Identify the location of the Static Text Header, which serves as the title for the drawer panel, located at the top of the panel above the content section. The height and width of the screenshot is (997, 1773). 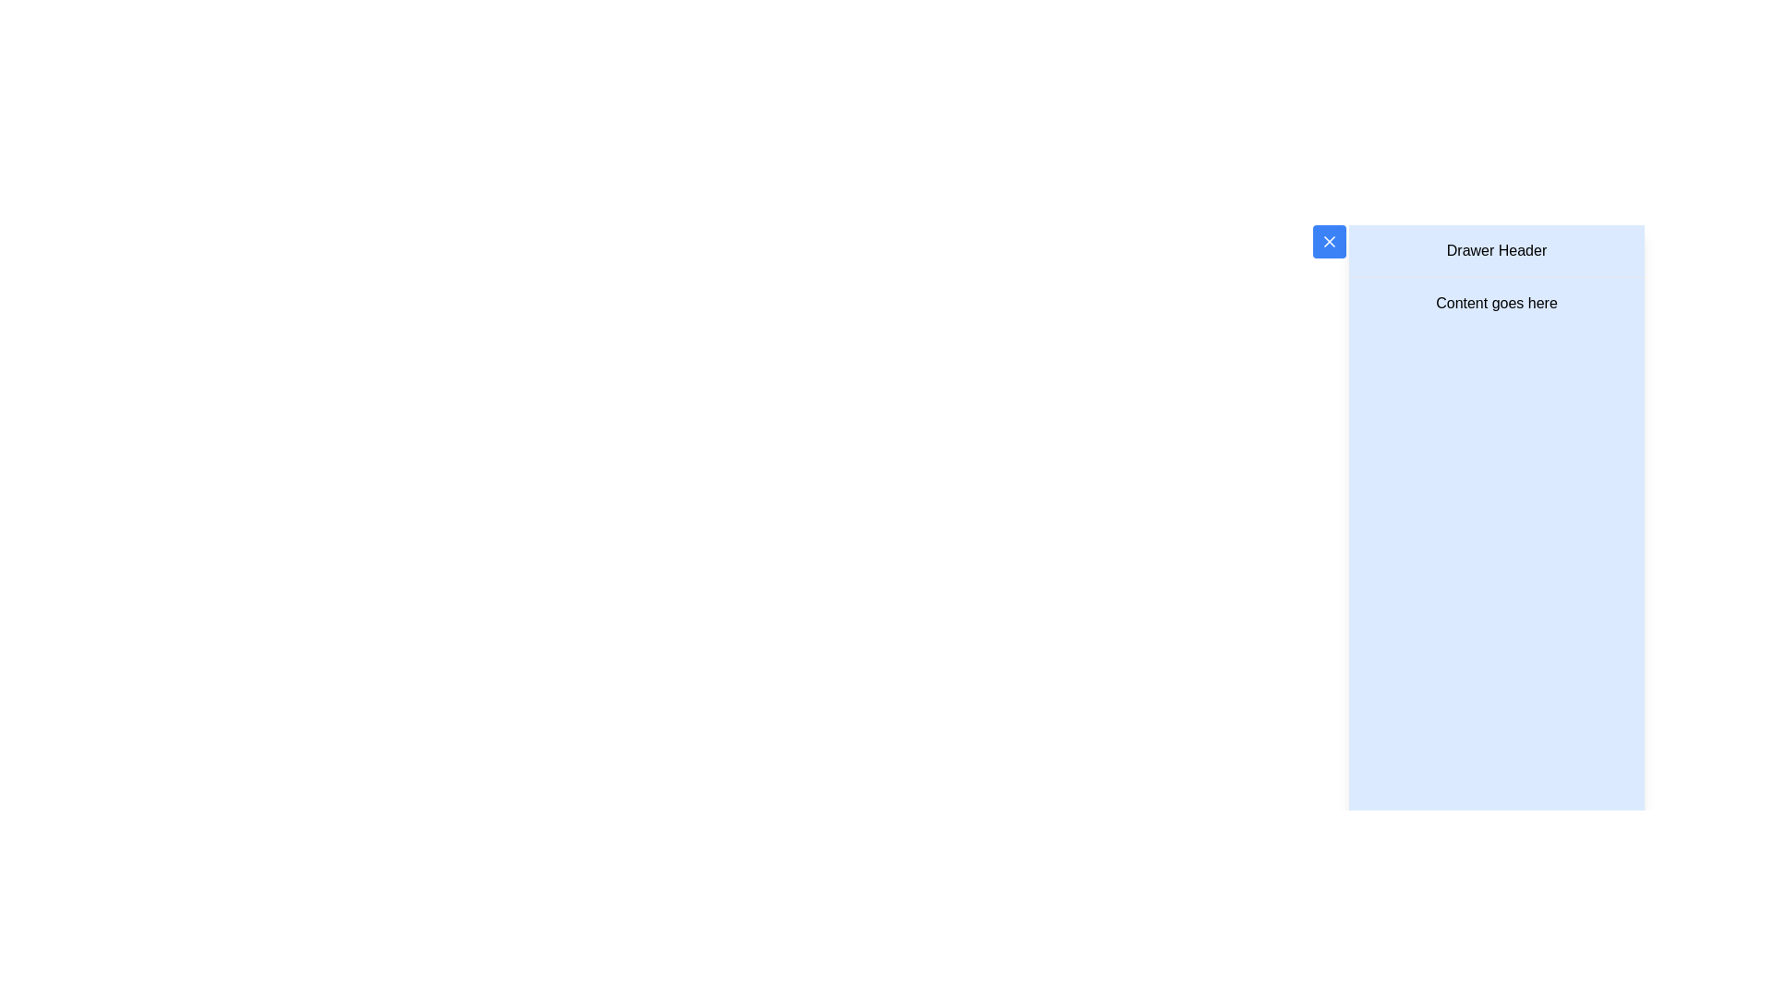
(1497, 251).